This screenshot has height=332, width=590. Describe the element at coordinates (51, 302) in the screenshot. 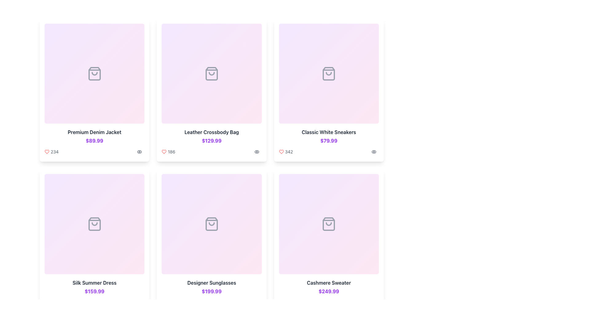

I see `the numeric count displayed on the Text label representing the number of likes or favorites for the 'Silk Summer Dress' card, located in the lower-left corner of the card` at that location.